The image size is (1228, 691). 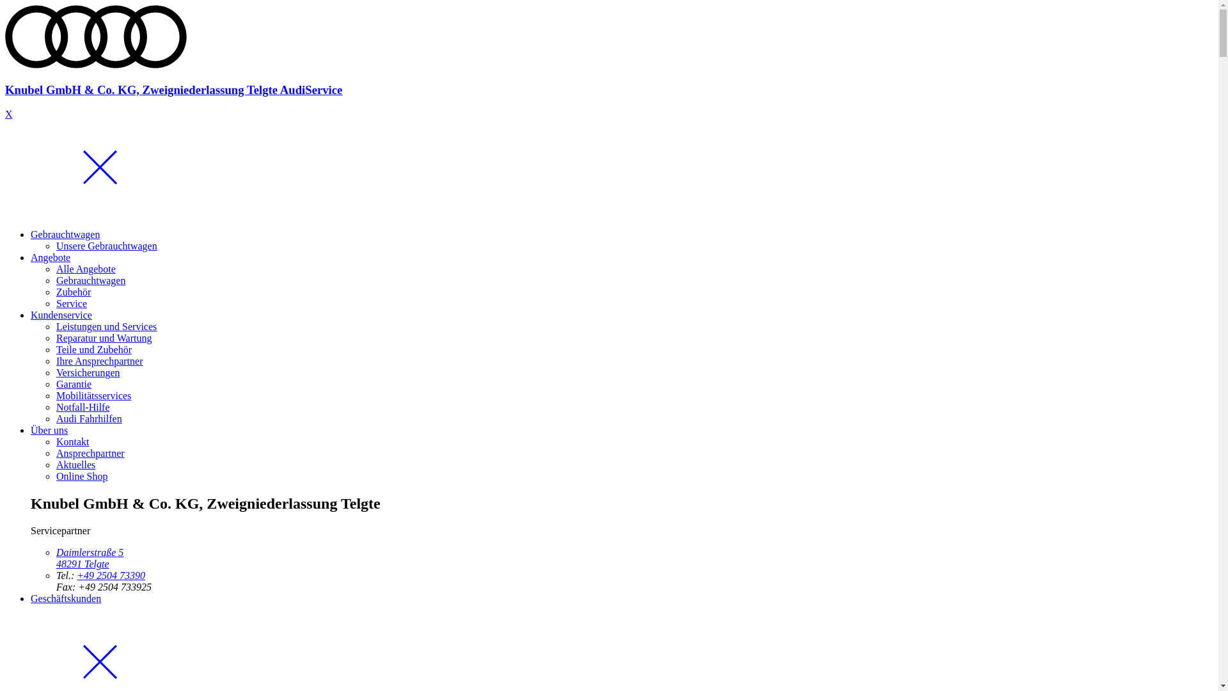 I want to click on 'Kundenservice', so click(x=61, y=315).